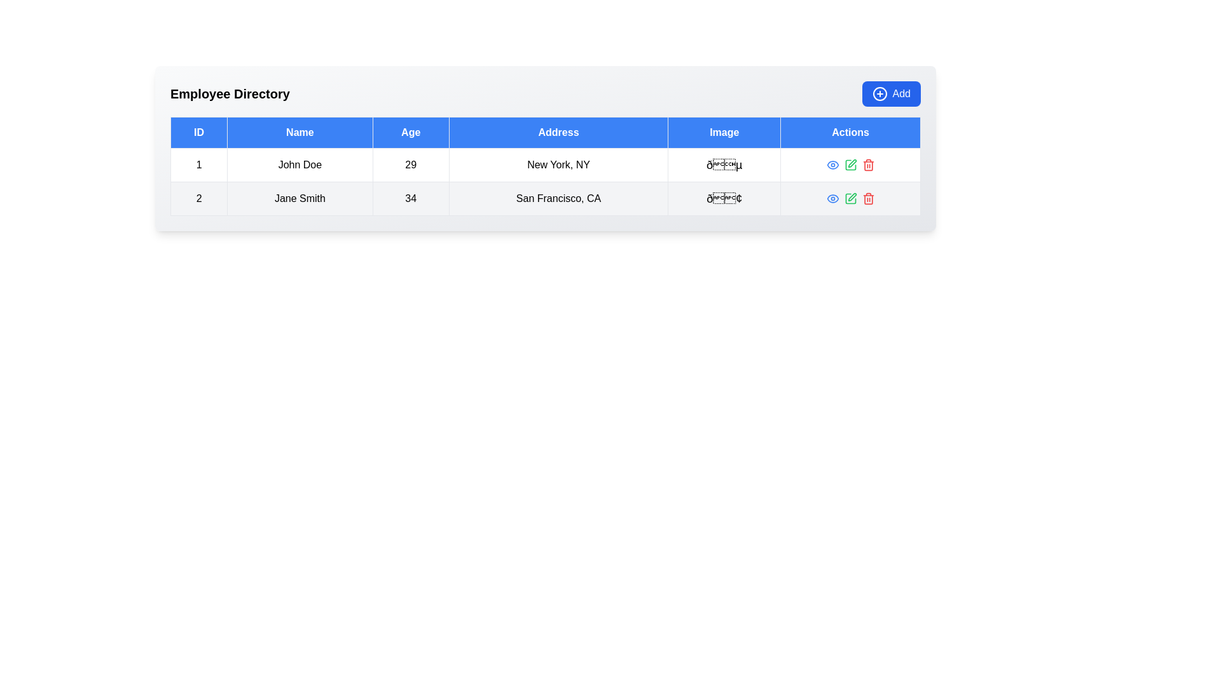  I want to click on the 'Address' column header to sort the column data in the table, so click(558, 132).